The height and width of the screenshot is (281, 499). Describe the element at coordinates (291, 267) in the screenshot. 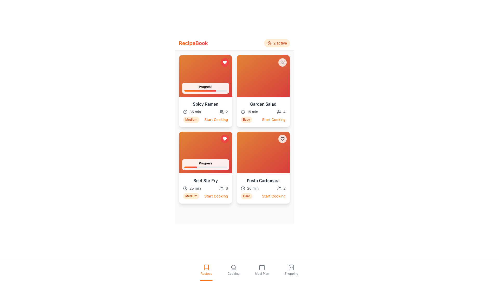

I see `the shopping bag icon located in the bottom menu bar at the far-right` at that location.